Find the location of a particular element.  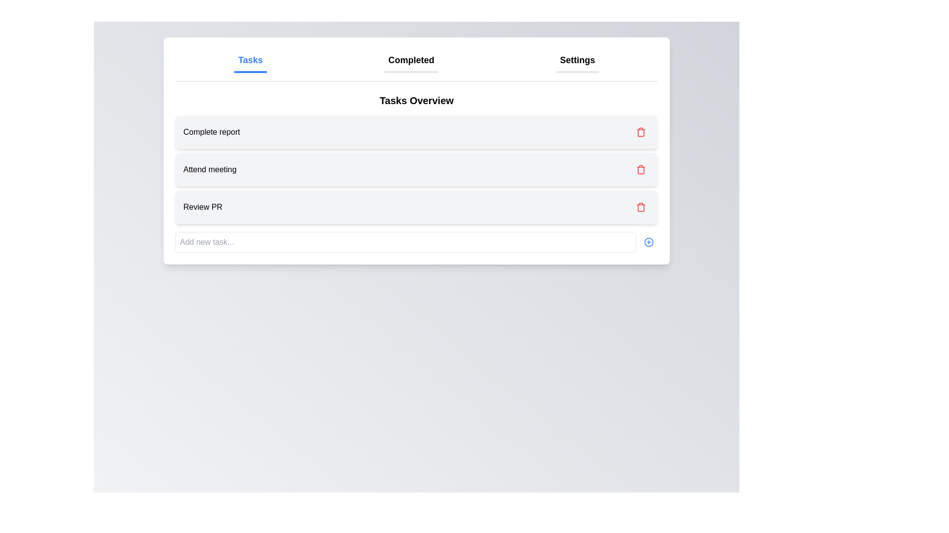

the task list item labeled 'Complete report' which has a delete button on the right side is located at coordinates (417, 131).